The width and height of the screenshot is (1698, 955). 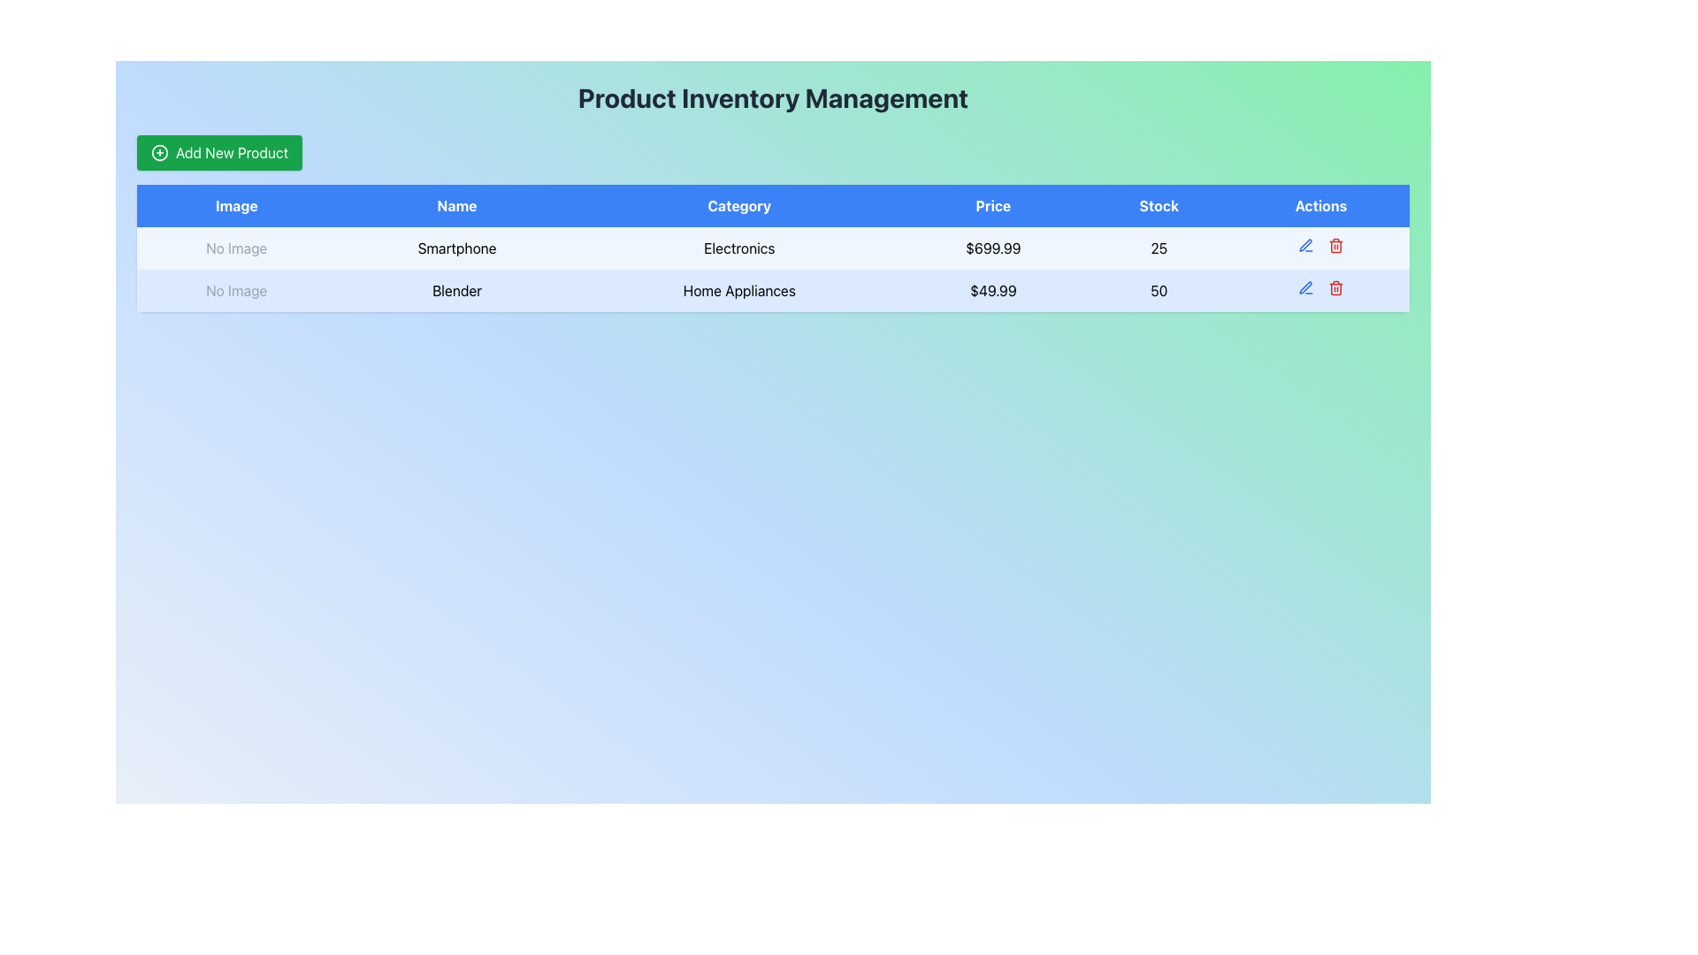 What do you see at coordinates (457, 248) in the screenshot?
I see `the text element representing the name or title of an item in the tabular product inventory system, located in the 'Name' column of the first data row` at bounding box center [457, 248].